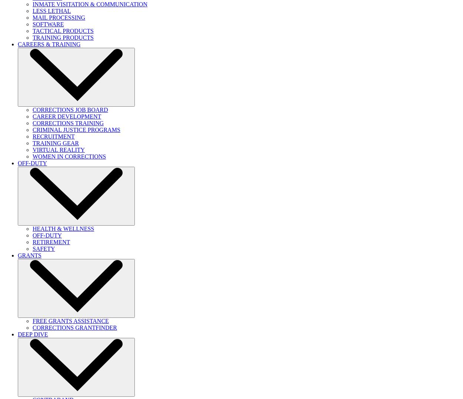 The height and width of the screenshot is (399, 463). What do you see at coordinates (43, 248) in the screenshot?
I see `'SAFETY'` at bounding box center [43, 248].